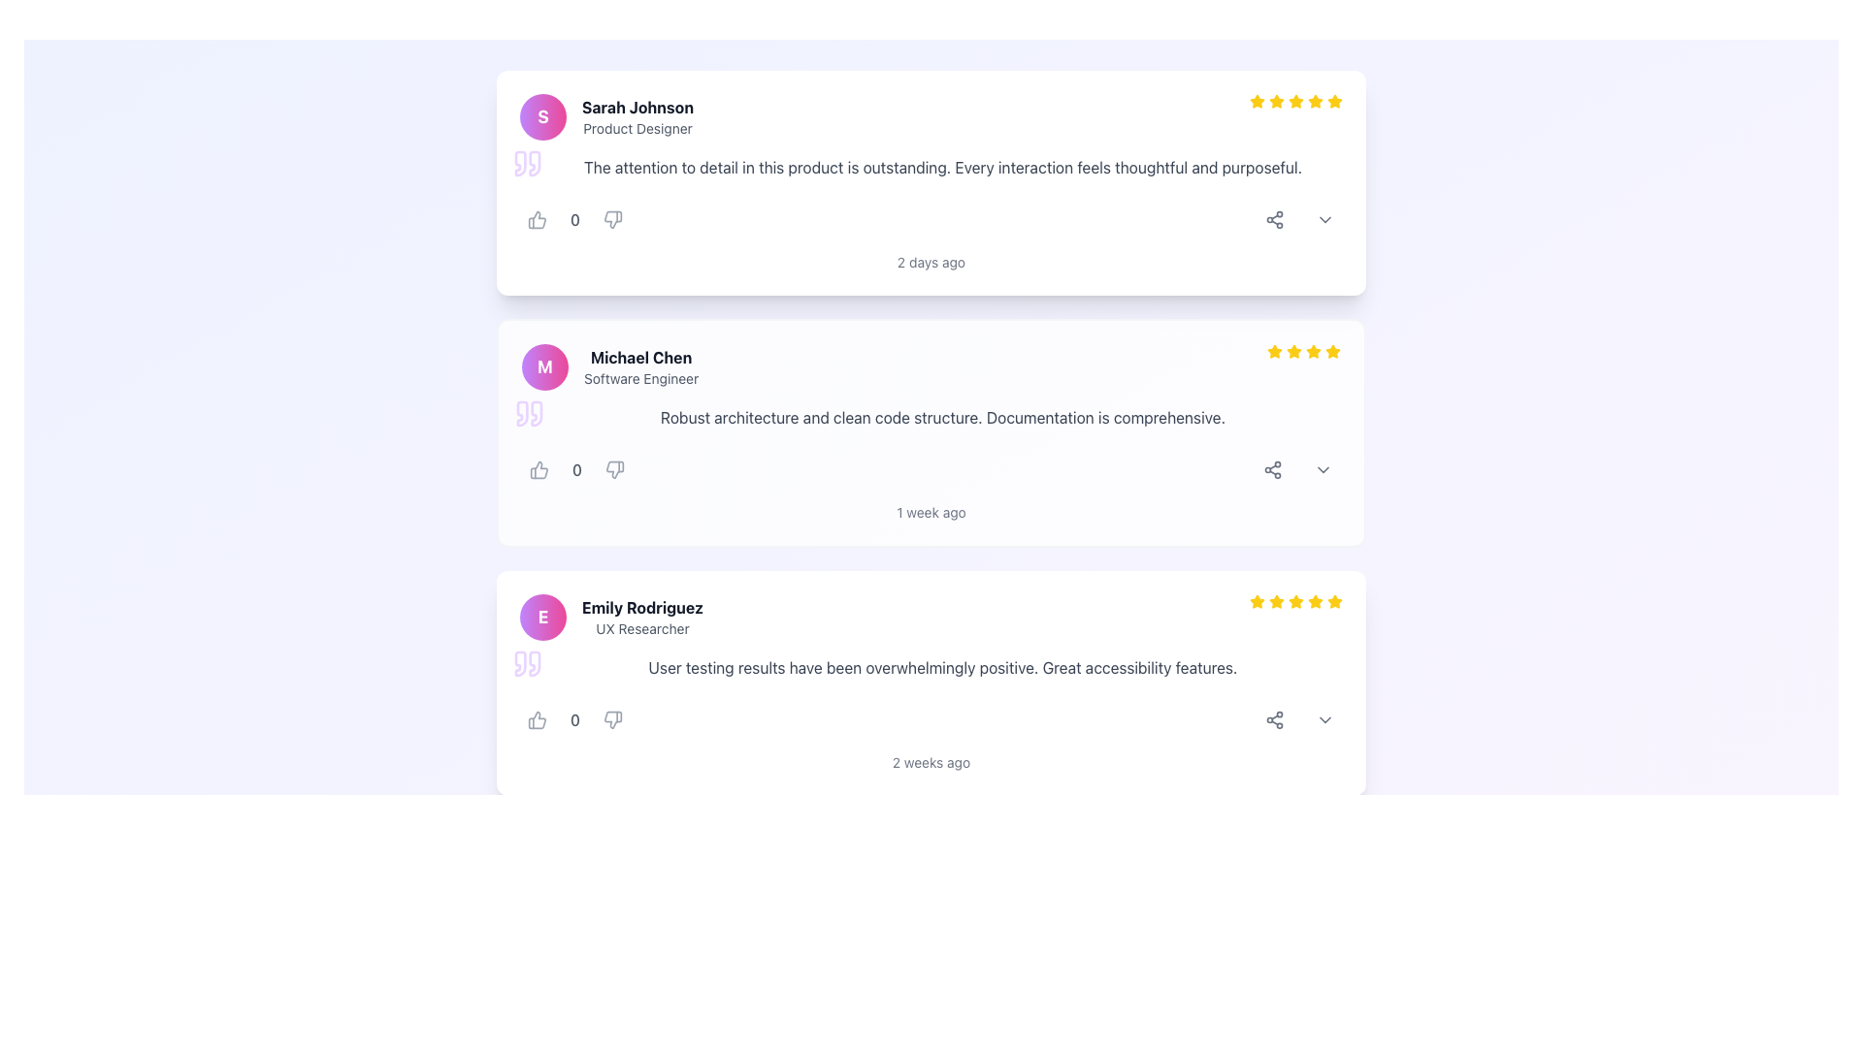 This screenshot has width=1863, height=1047. Describe the element at coordinates (1258, 600) in the screenshot. I see `the fifth star icon` at that location.